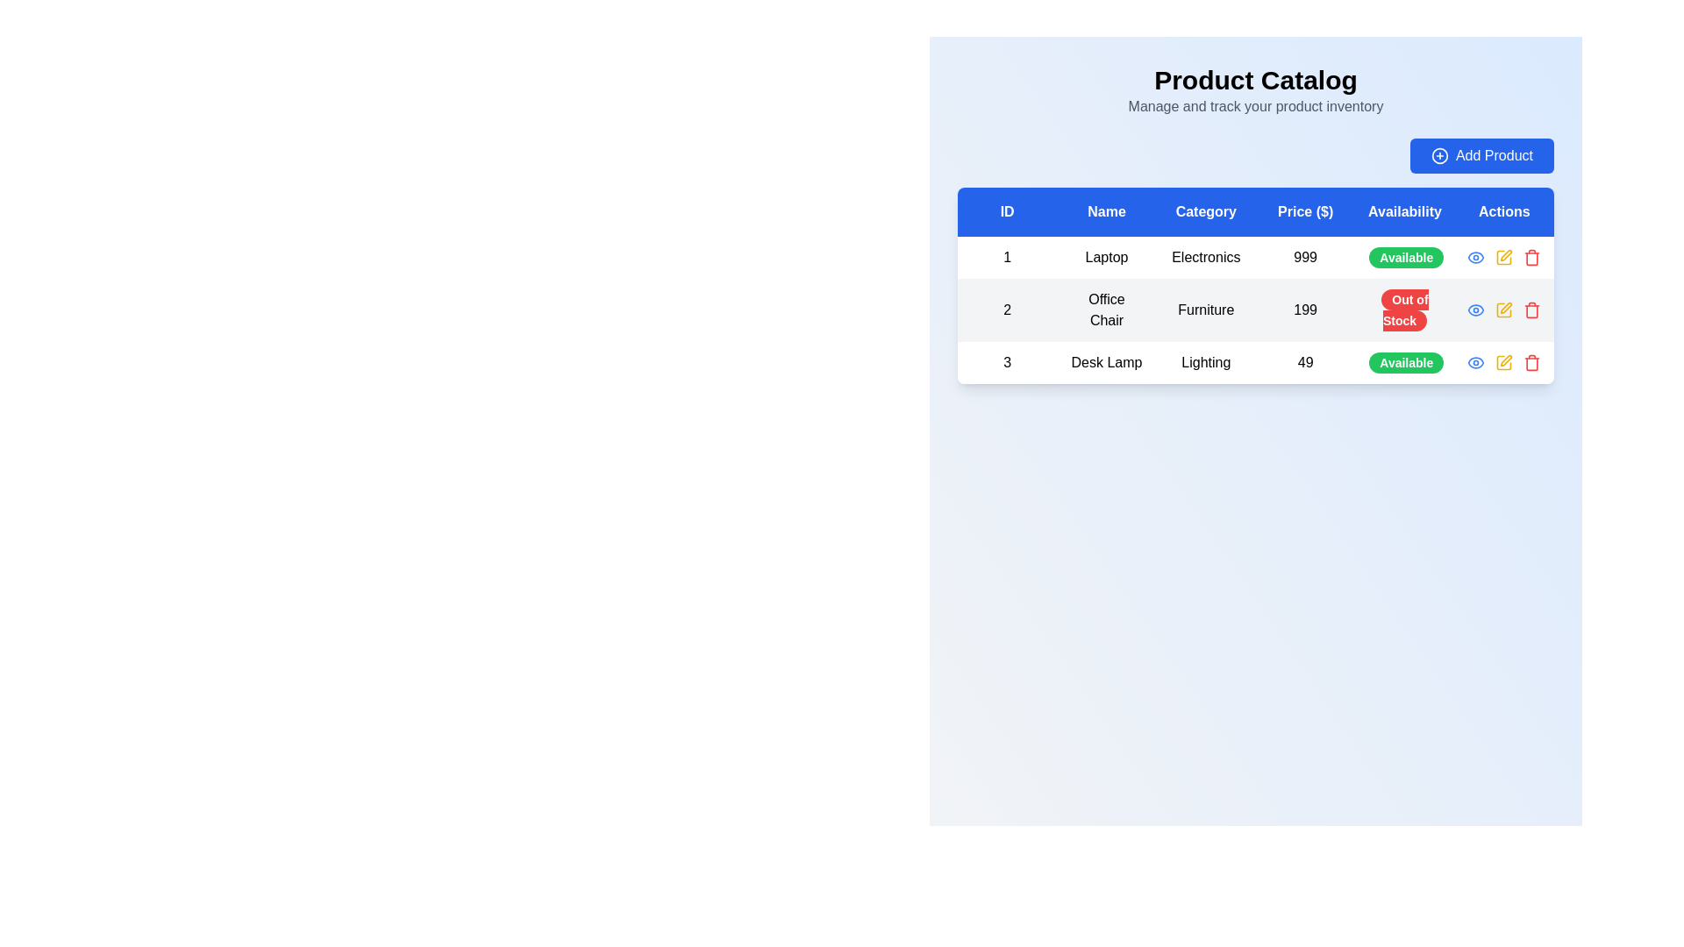  I want to click on status of the availability badge for the product 'Laptop', which is located in the first row of the 'Availability' column of the table, so click(1406, 257).